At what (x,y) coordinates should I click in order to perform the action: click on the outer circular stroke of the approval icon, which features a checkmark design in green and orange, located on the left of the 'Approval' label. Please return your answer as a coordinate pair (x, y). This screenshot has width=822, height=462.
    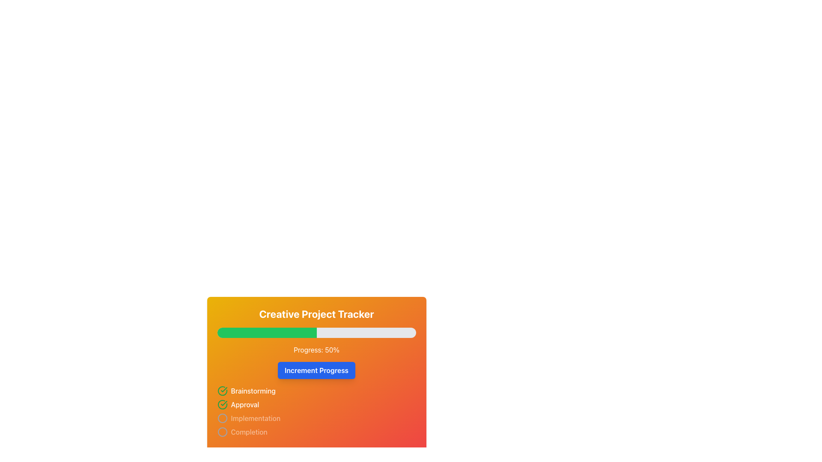
    Looking at the image, I should click on (222, 391).